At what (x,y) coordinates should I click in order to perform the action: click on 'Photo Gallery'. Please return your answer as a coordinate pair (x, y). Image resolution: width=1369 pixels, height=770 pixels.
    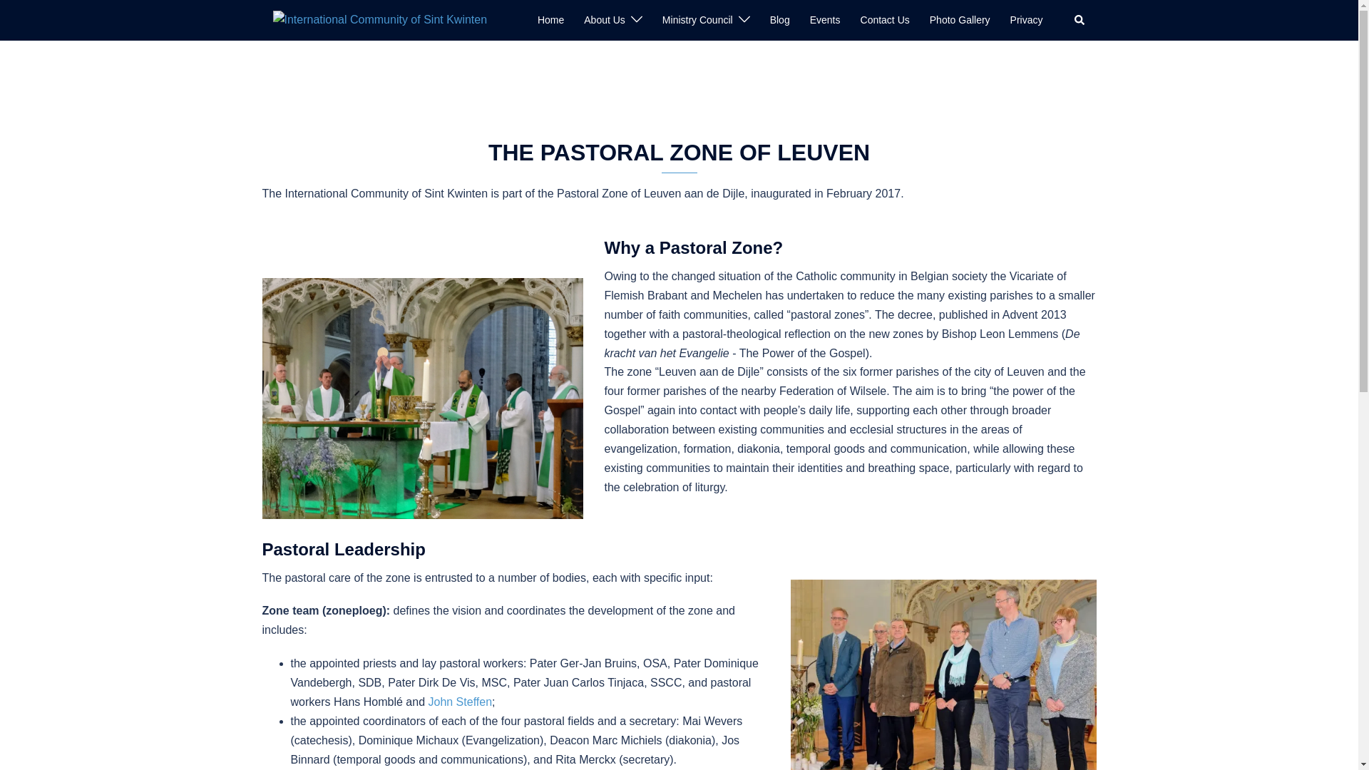
    Looking at the image, I should click on (960, 21).